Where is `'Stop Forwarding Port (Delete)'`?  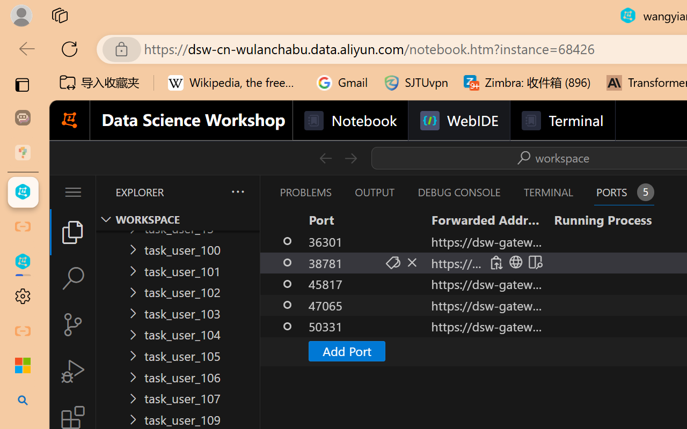
'Stop Forwarding Port (Delete)' is located at coordinates (411, 262).